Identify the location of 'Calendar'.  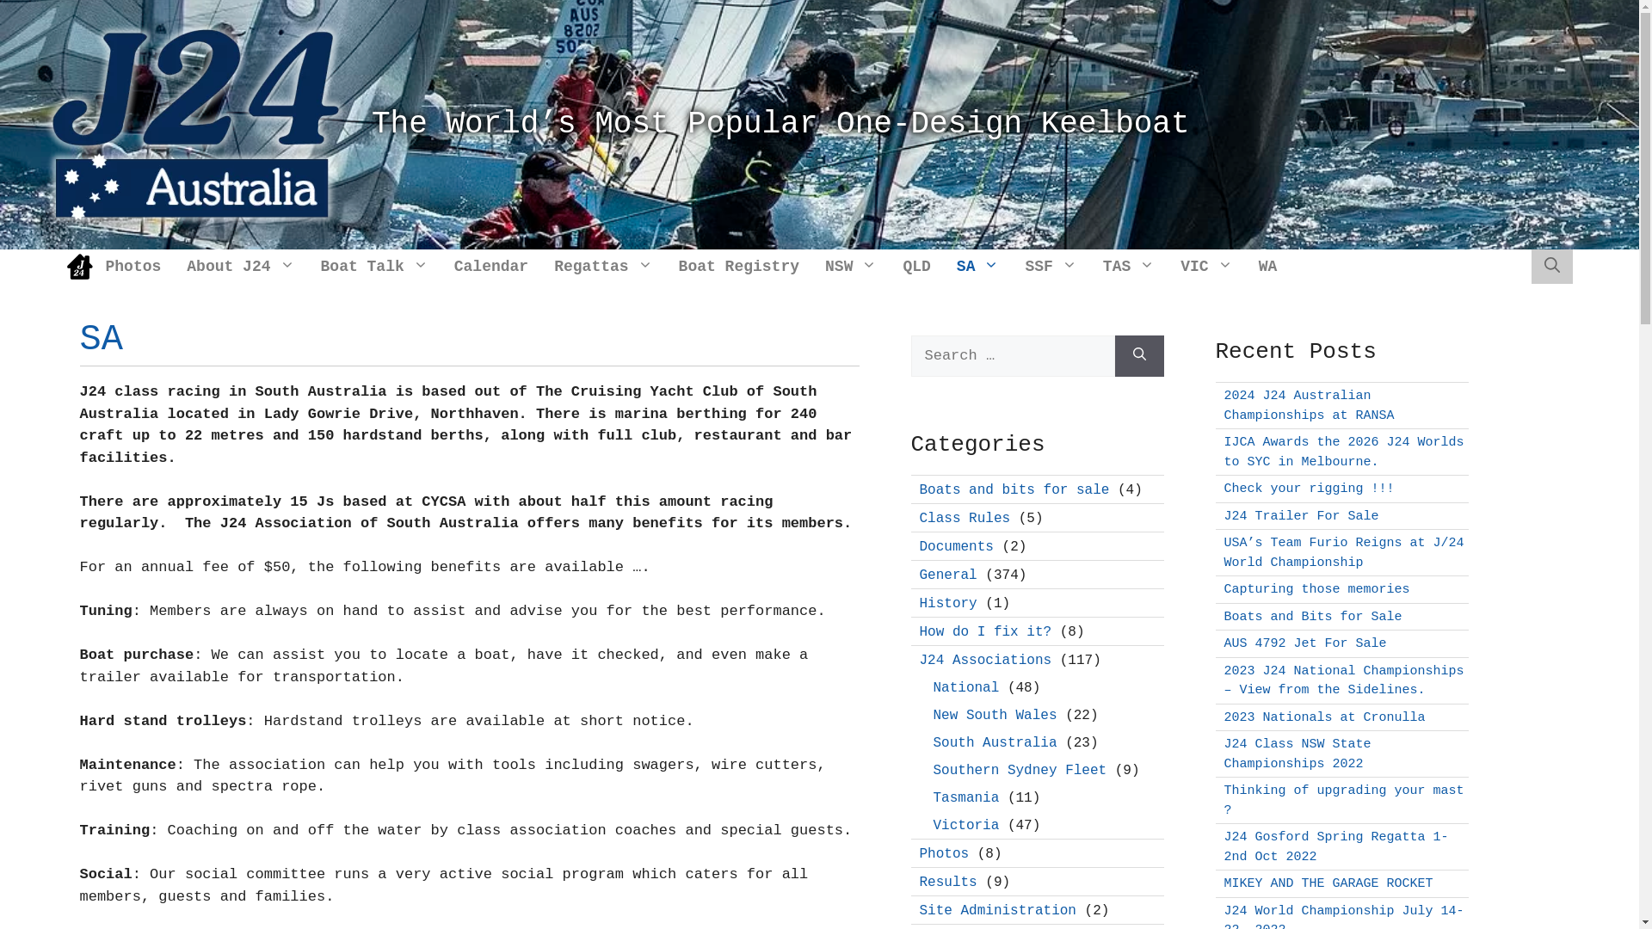
(490, 266).